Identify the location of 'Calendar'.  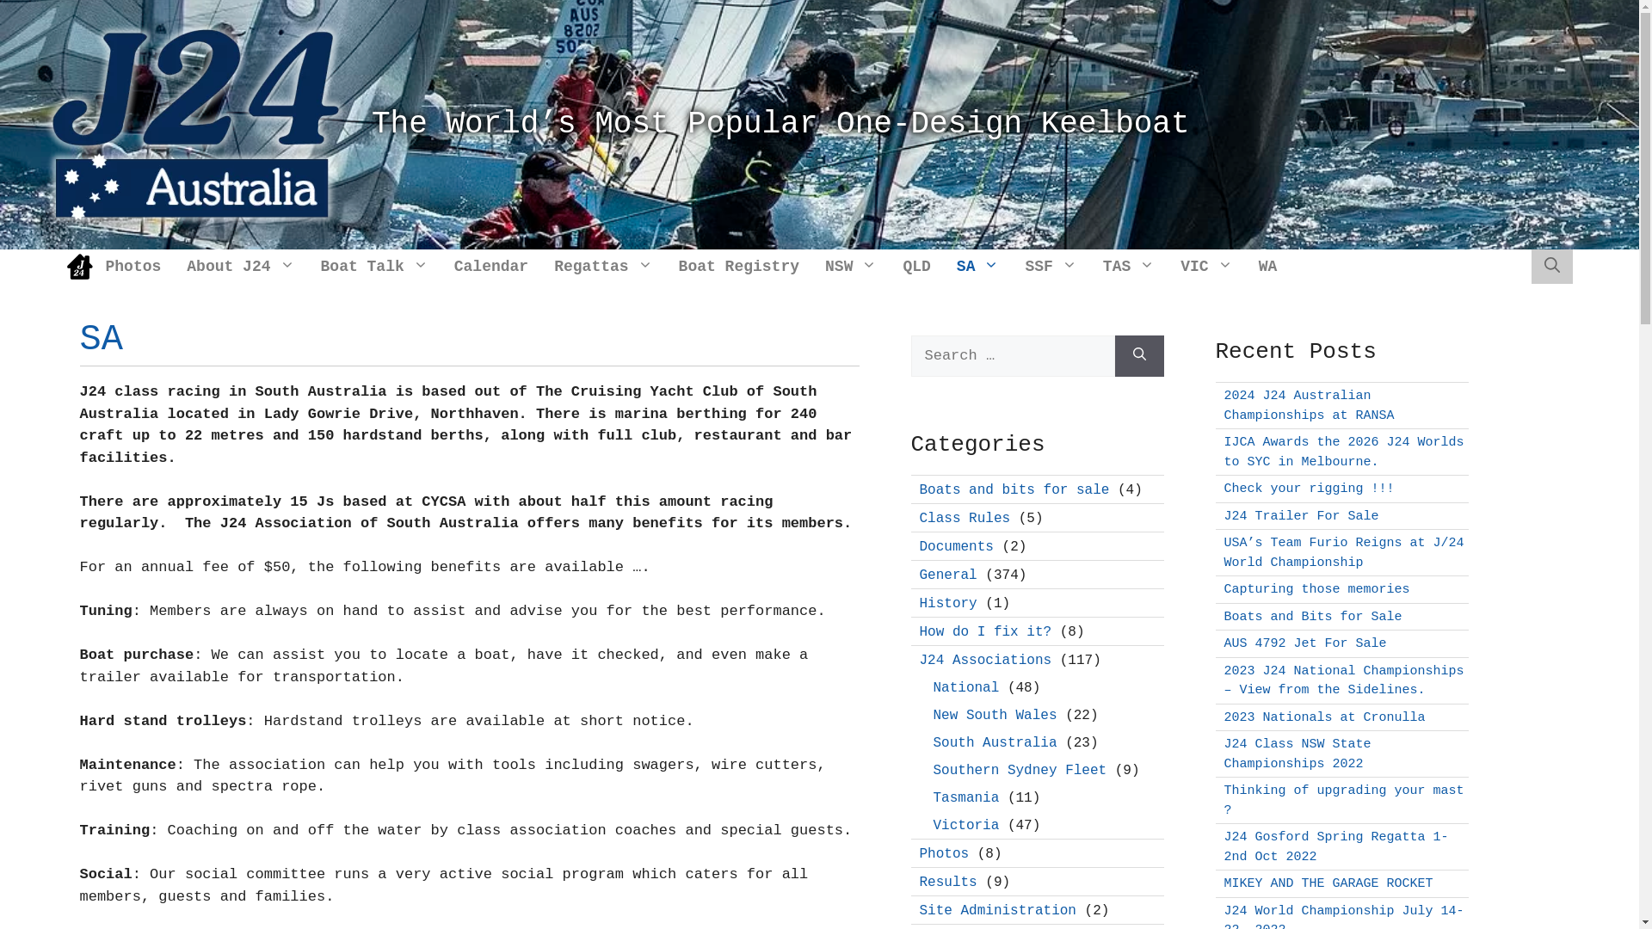
(490, 266).